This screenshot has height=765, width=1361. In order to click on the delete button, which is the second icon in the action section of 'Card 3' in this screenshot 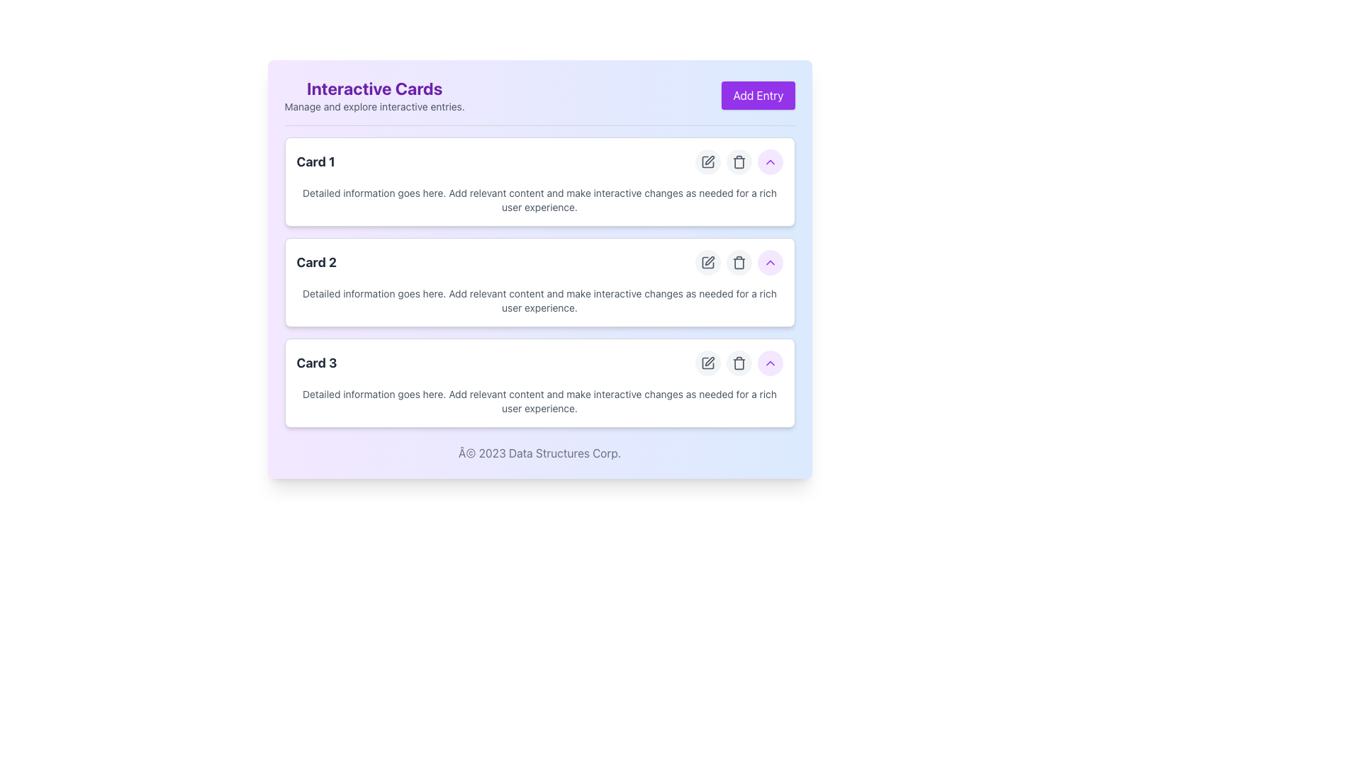, I will do `click(738, 363)`.